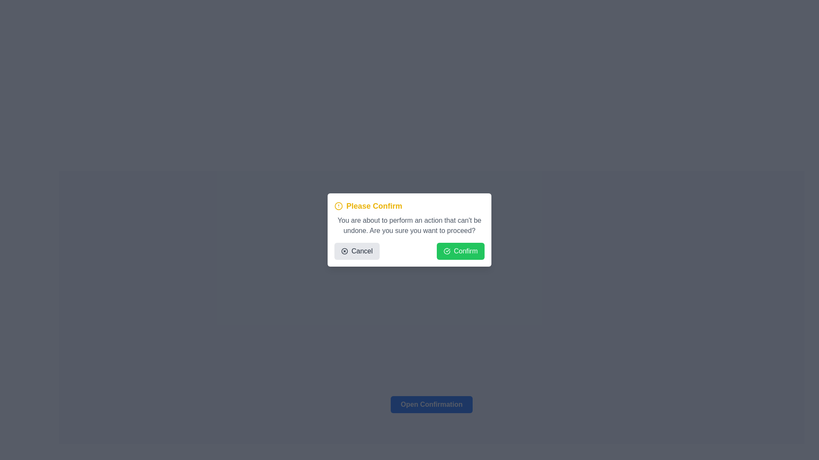 The height and width of the screenshot is (460, 819). I want to click on the circular graphical element of the SVG icon located in the top-left of the modal dialog that contains a confirmation message, so click(344, 251).